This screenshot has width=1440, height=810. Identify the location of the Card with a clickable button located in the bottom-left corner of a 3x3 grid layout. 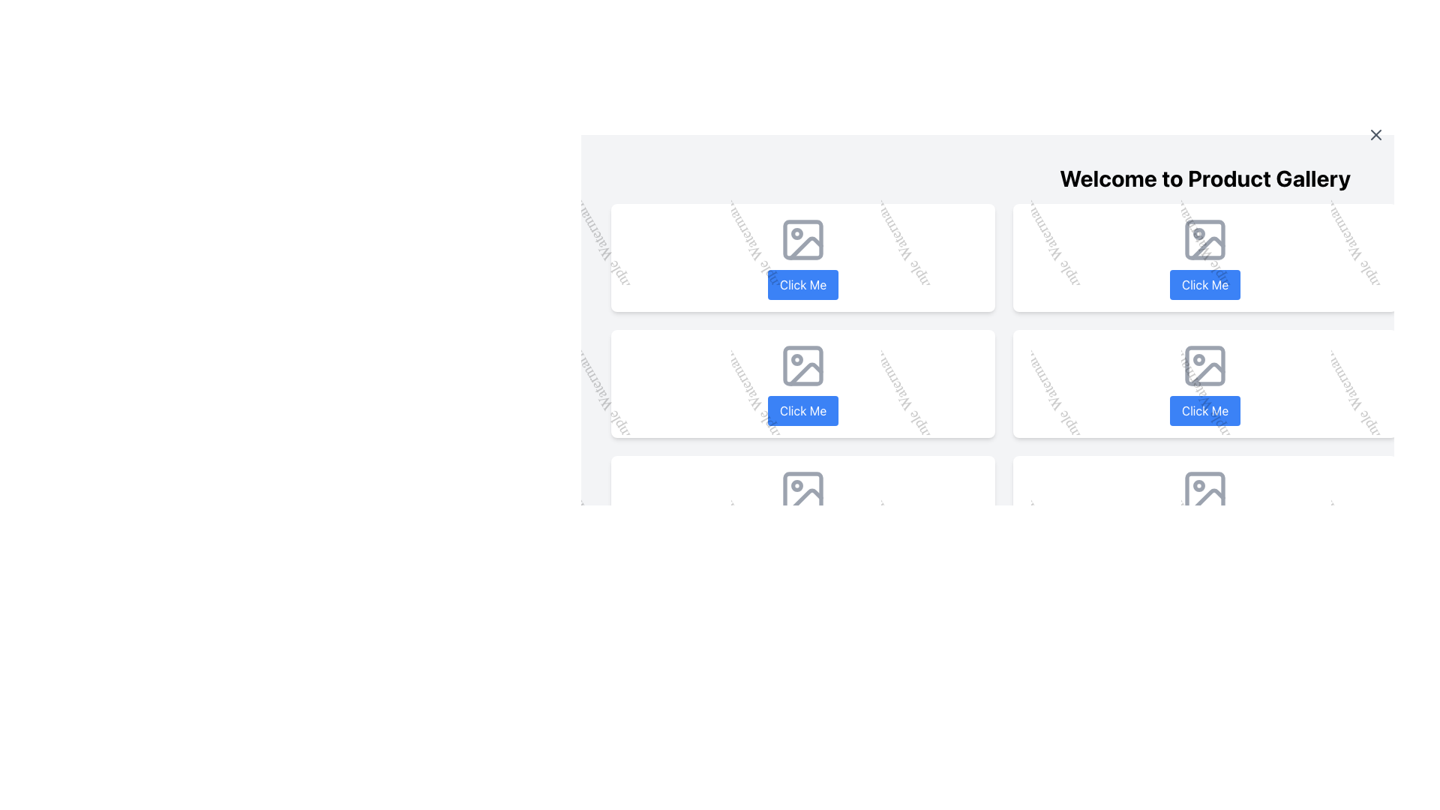
(802, 508).